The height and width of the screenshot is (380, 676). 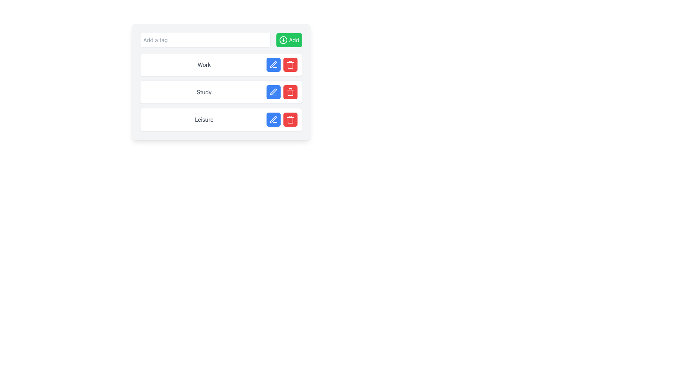 I want to click on the second blue button under the 'Study' section, so click(x=273, y=92).